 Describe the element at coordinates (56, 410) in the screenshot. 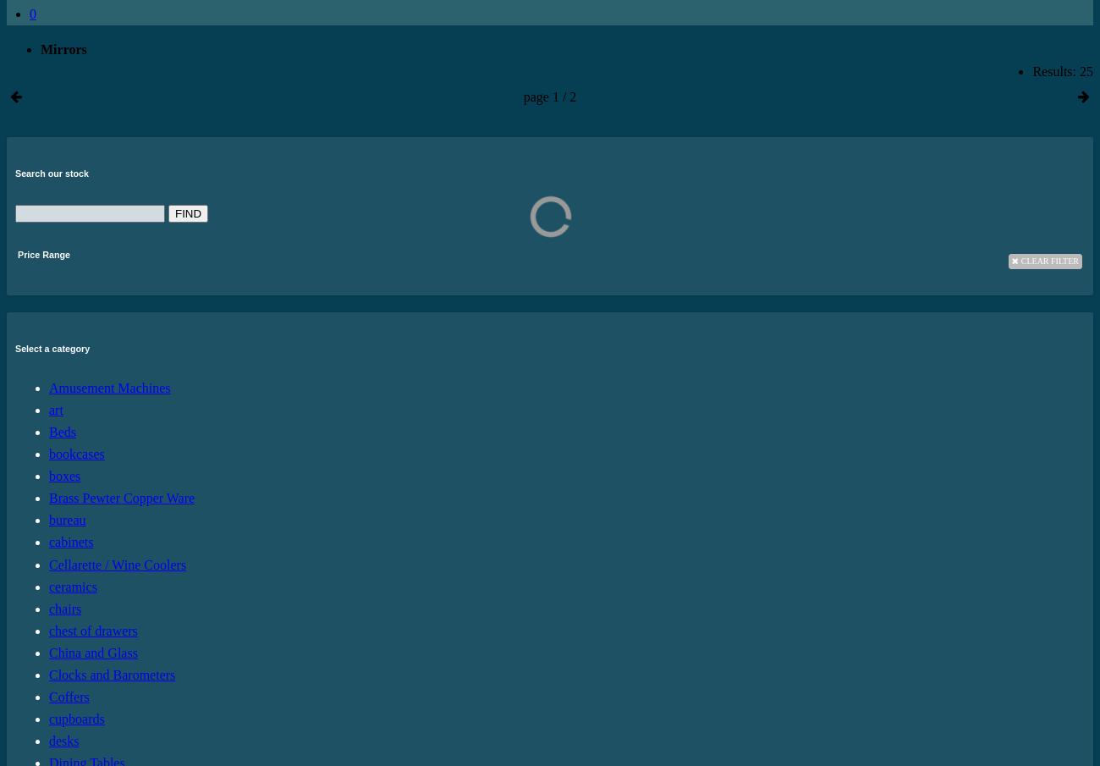

I see `'art'` at that location.